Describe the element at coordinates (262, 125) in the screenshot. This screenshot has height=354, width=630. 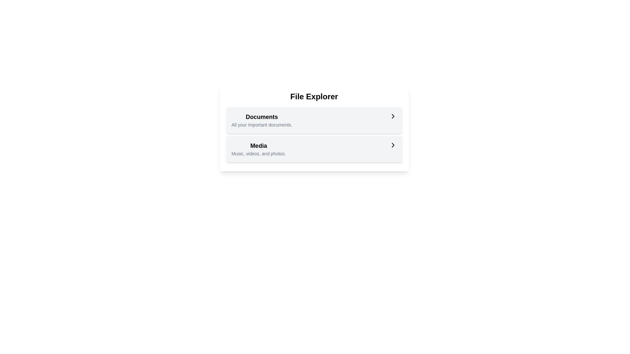
I see `the static text element providing supplementary information about the 'Documents' section, located directly beneath the 'Documents' label in the 'File Explorer' interface` at that location.